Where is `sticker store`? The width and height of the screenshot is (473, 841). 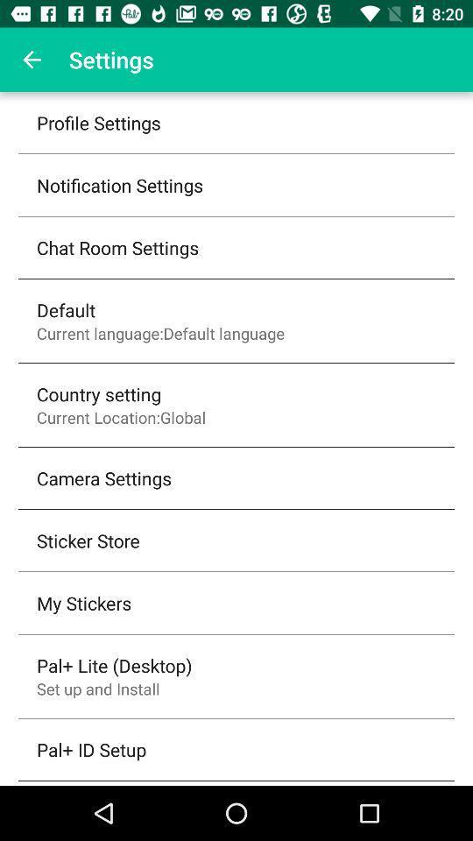 sticker store is located at coordinates (87, 540).